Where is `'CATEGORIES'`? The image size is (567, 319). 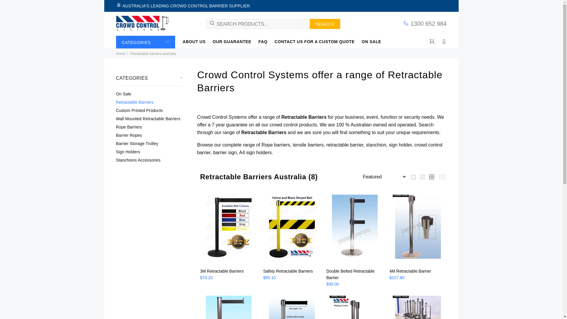
'CATEGORIES' is located at coordinates (145, 42).